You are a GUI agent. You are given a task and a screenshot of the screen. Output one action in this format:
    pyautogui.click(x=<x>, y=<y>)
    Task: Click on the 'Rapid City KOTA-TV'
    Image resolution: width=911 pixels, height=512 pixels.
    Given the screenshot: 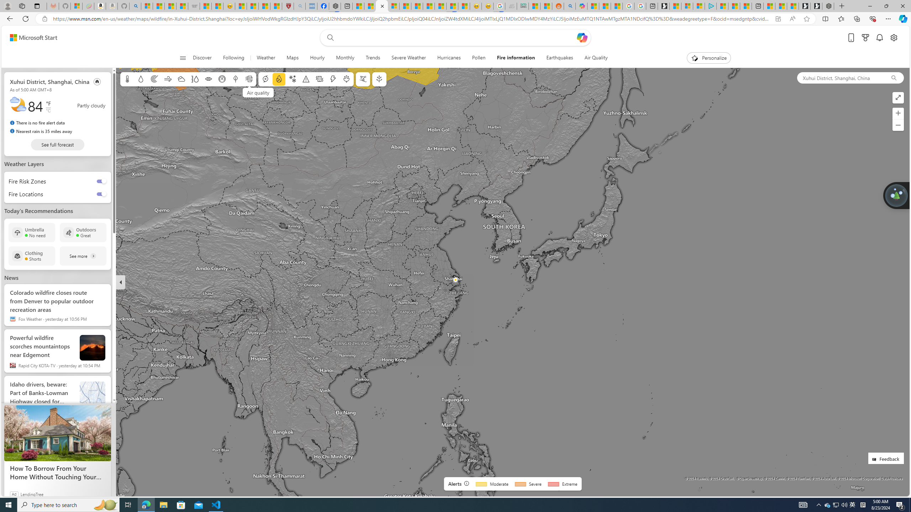 What is the action you would take?
    pyautogui.click(x=12, y=365)
    